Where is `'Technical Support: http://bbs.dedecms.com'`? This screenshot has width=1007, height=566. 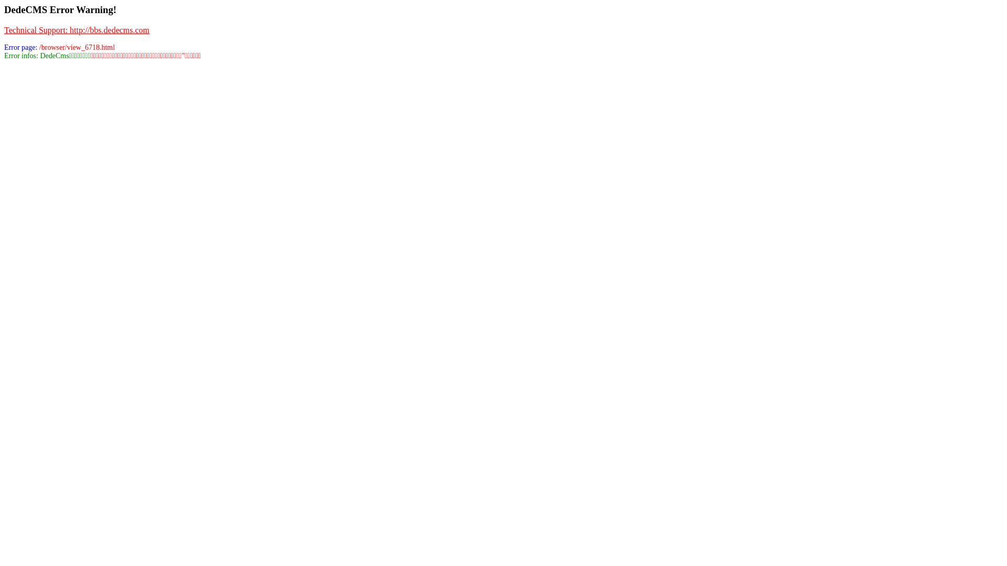 'Technical Support: http://bbs.dedecms.com' is located at coordinates (76, 29).